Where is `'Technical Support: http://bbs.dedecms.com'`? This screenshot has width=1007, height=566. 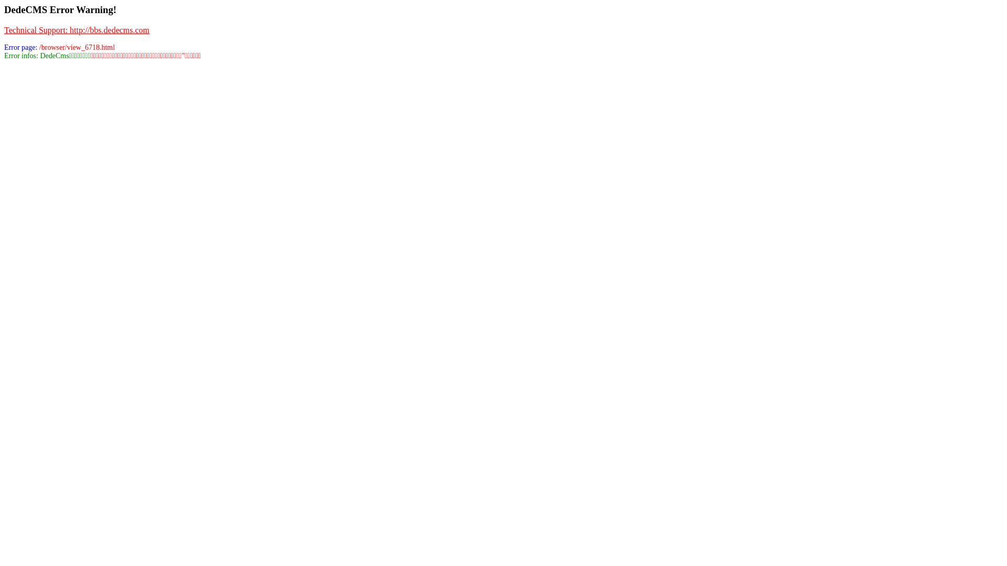 'Technical Support: http://bbs.dedecms.com' is located at coordinates (76, 29).